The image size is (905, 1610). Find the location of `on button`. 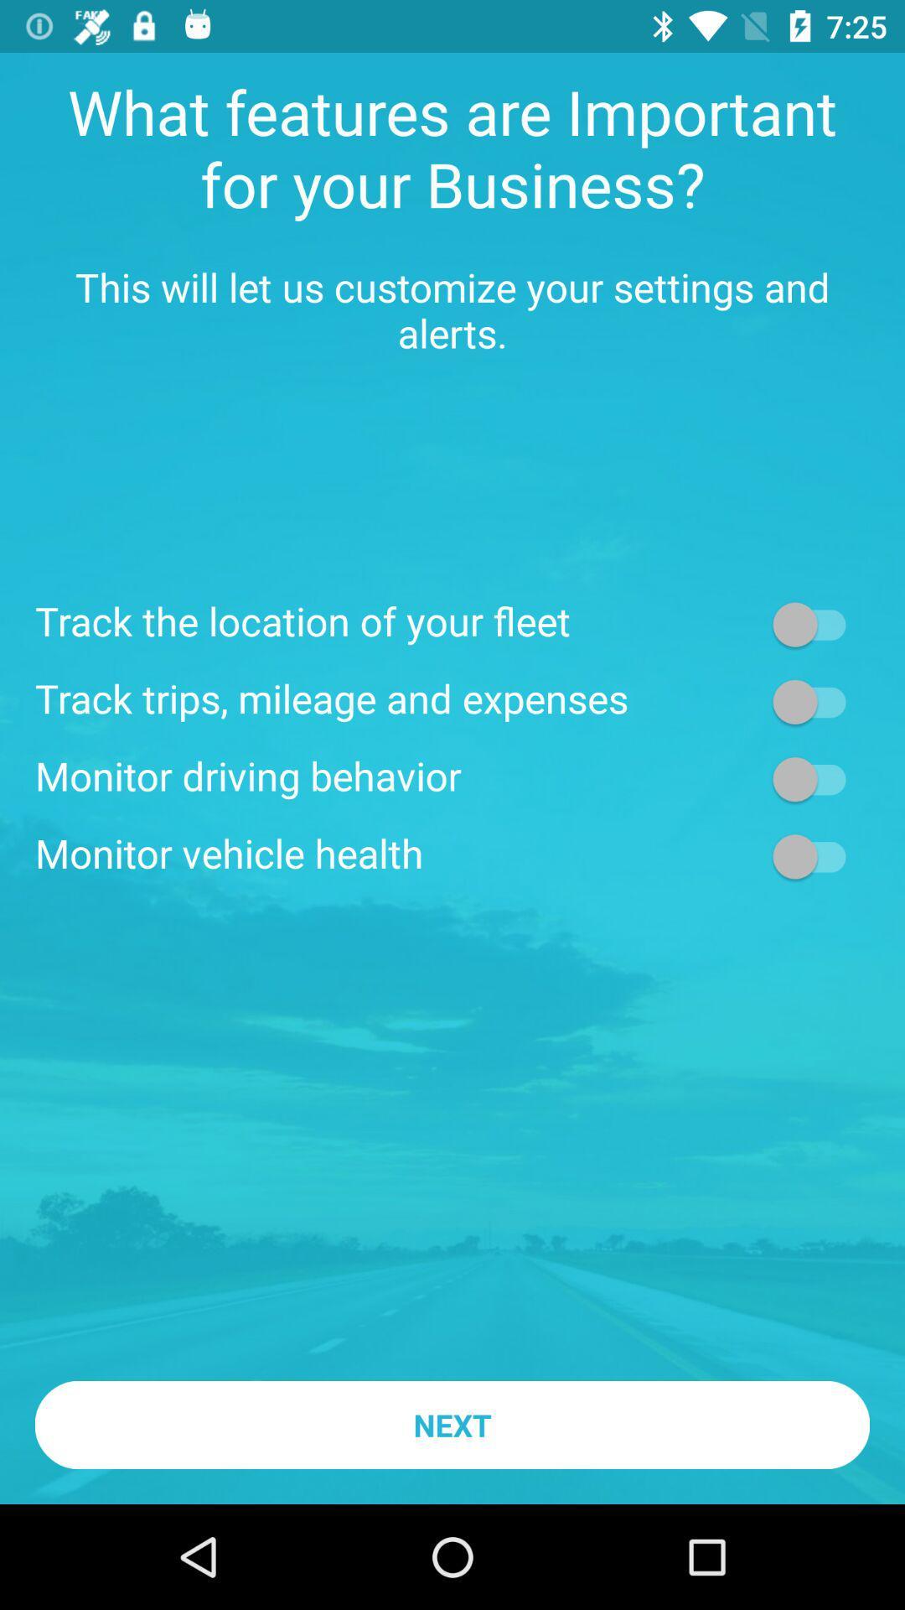

on button is located at coordinates (816, 701).